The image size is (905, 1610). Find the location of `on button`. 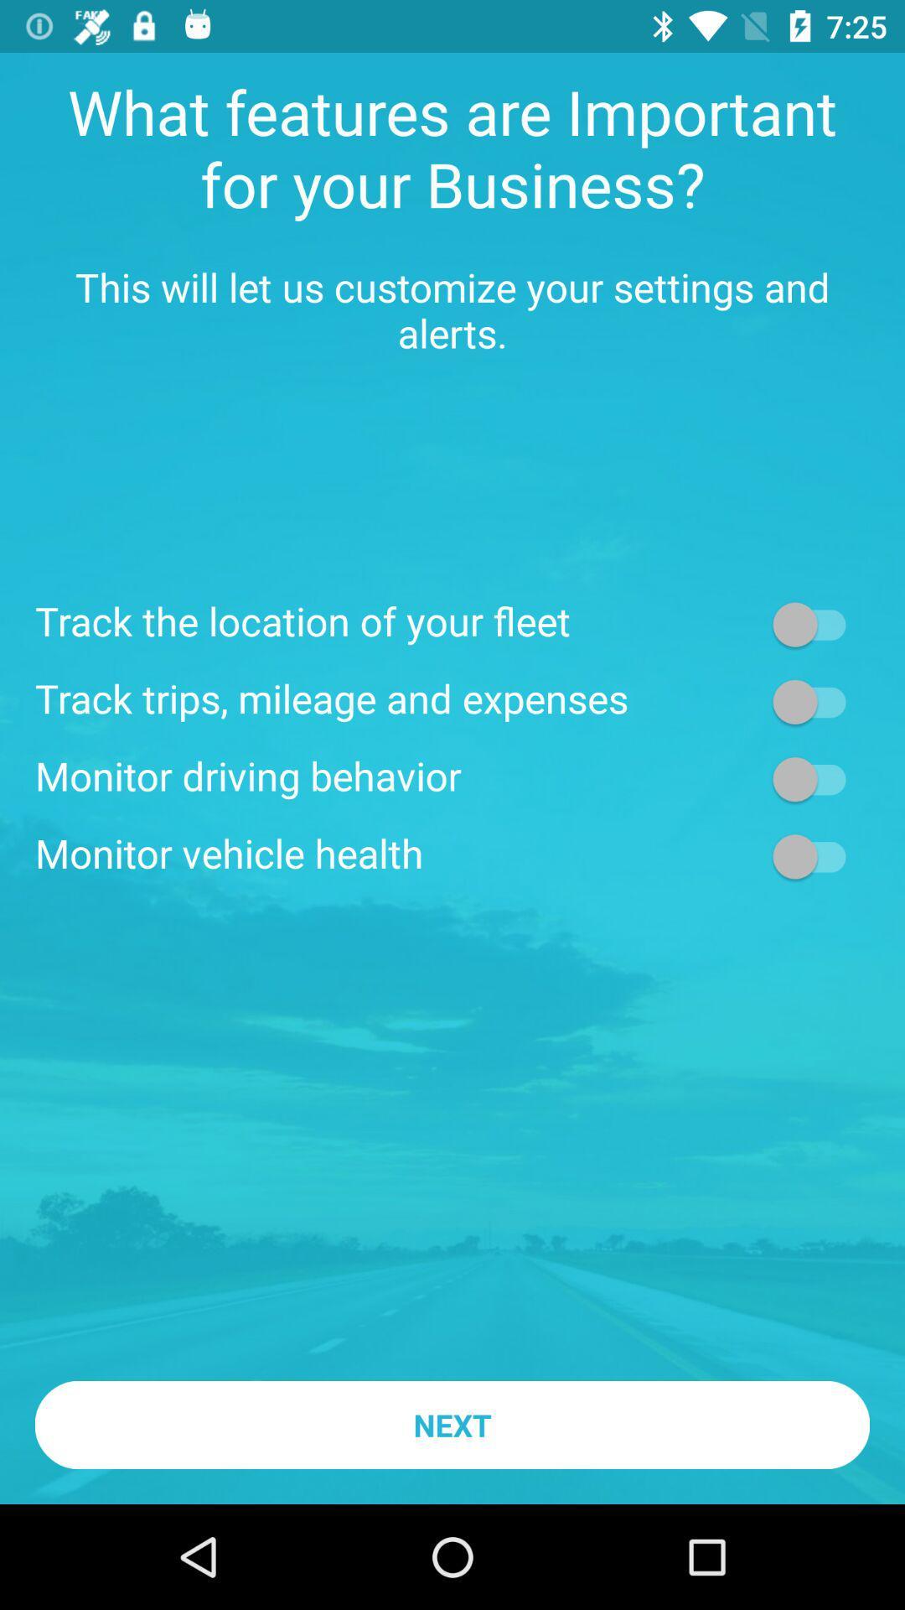

on button is located at coordinates (816, 701).